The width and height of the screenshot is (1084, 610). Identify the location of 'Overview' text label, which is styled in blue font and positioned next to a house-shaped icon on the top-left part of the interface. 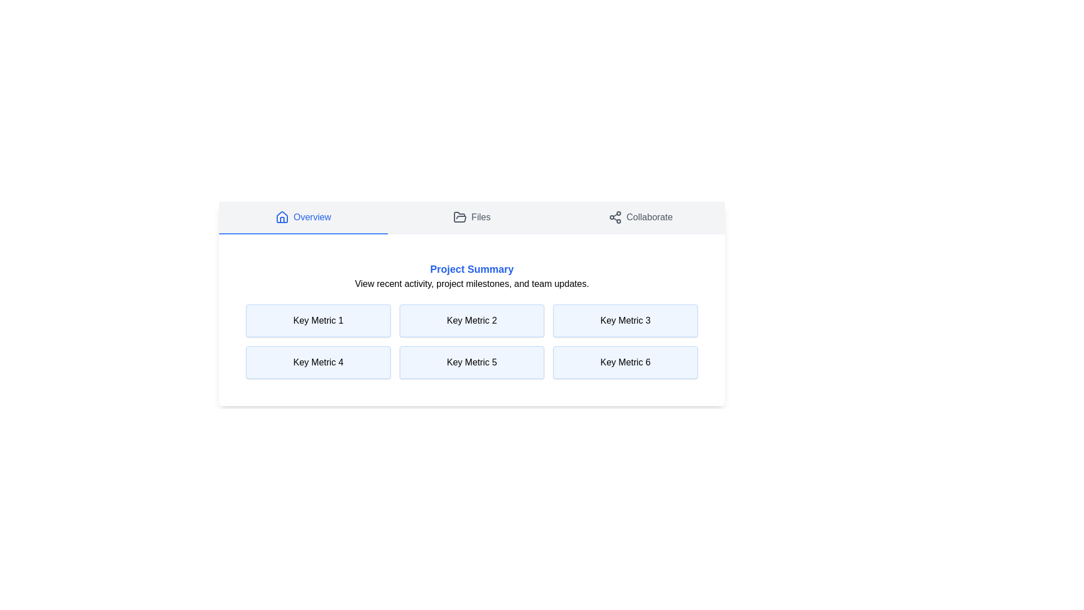
(312, 217).